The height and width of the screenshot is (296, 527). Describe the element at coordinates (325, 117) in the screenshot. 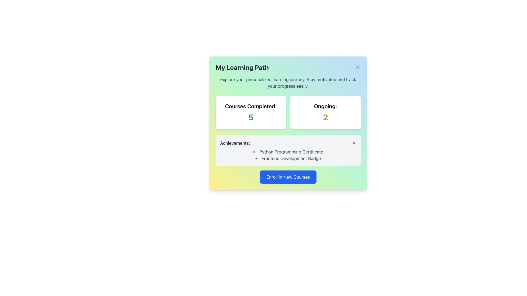

I see `the text label displaying the count of ongoing courses in the learning tracker interface, located under the label 'Ongoing:' in the progress summary` at that location.